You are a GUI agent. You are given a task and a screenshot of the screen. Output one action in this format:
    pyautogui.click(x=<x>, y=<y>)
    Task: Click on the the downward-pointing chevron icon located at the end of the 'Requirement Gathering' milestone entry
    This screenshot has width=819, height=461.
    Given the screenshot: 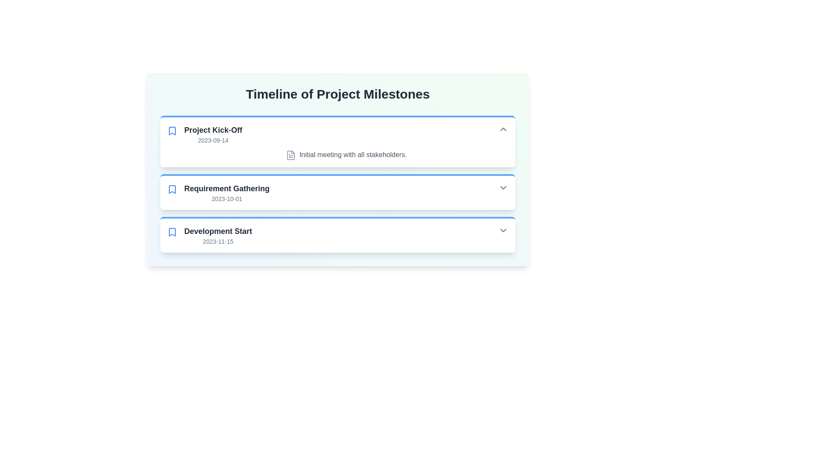 What is the action you would take?
    pyautogui.click(x=503, y=187)
    